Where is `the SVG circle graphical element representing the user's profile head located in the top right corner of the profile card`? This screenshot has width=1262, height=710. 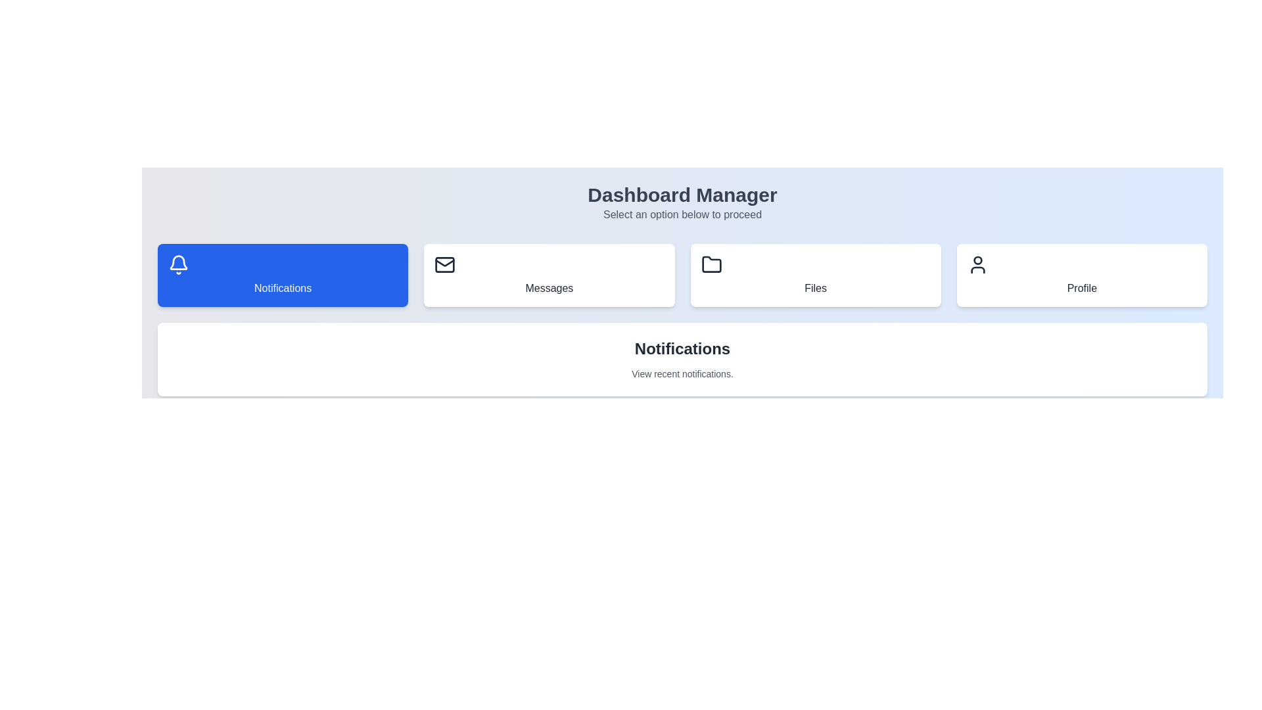 the SVG circle graphical element representing the user's profile head located in the top right corner of the profile card is located at coordinates (977, 260).